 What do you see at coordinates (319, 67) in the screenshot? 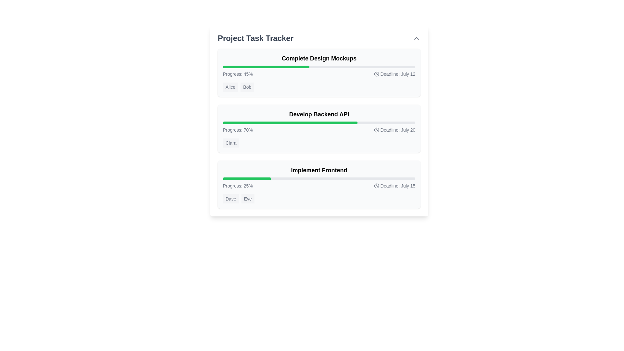
I see `the progress represented by the progress bar located under the text 'Complete Design Mockups' within the first task card` at bounding box center [319, 67].